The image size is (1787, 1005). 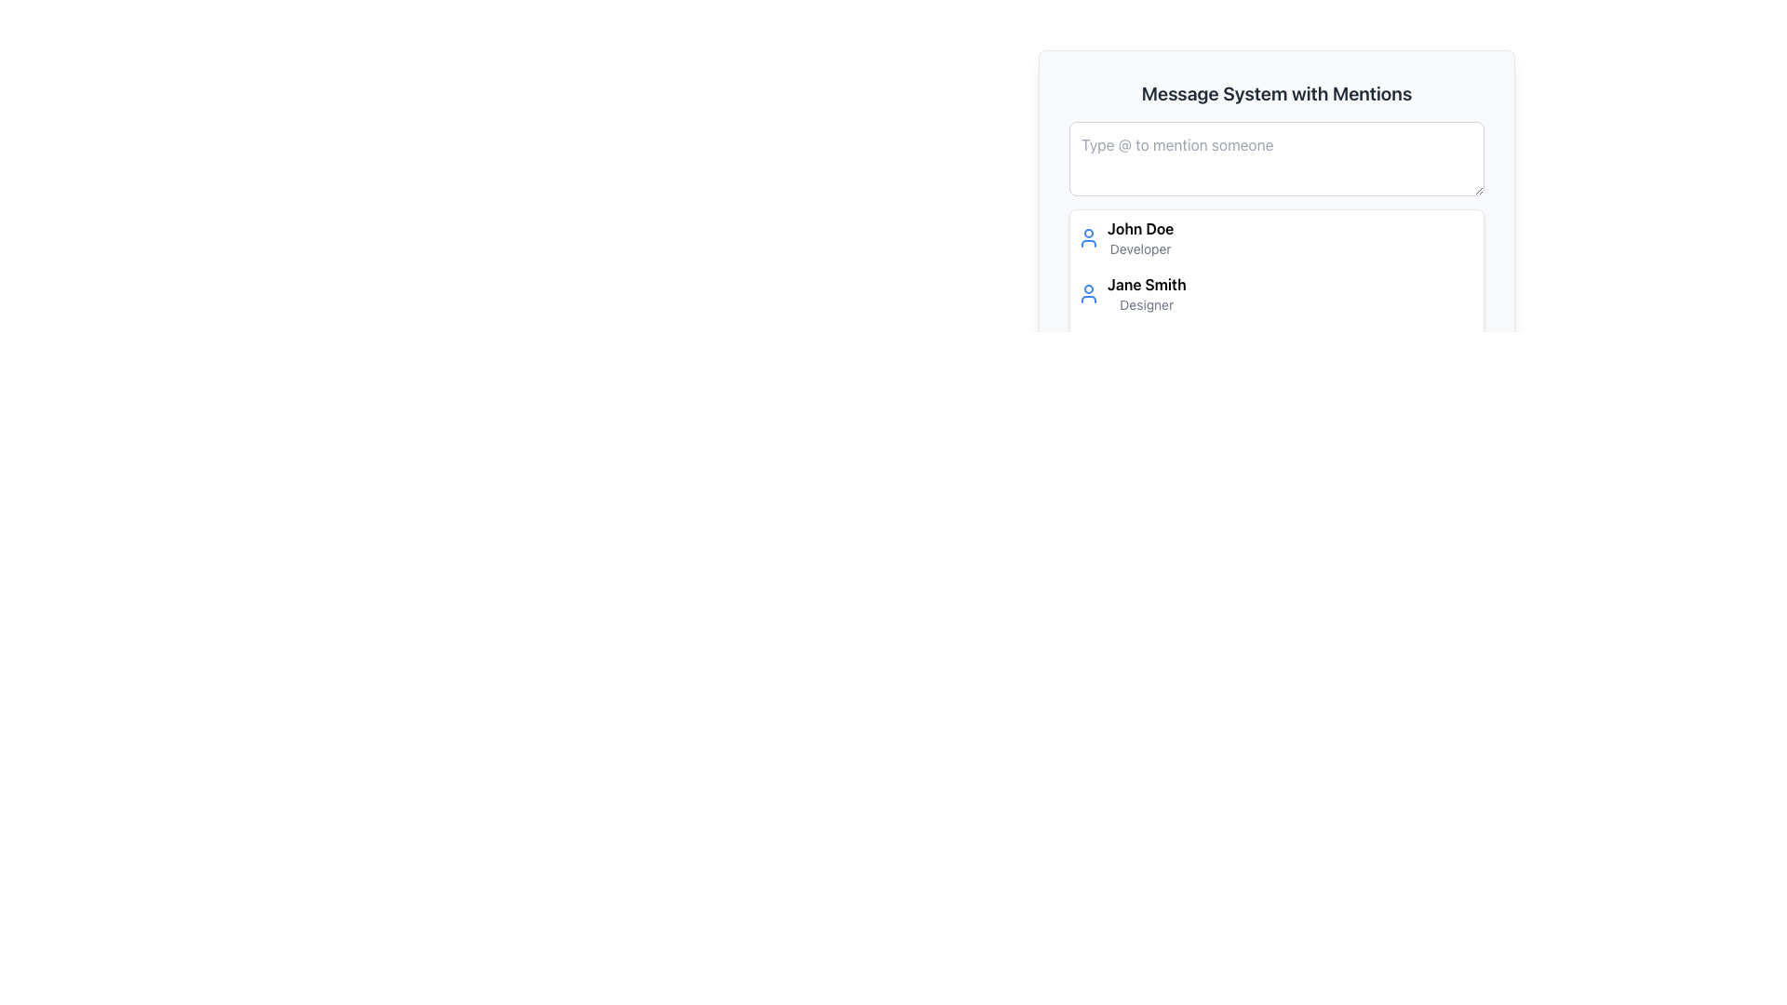 I want to click on the text element displaying the user's name 'Jane Smith' if it is interactive, located below 'John Doe' in a vertical list of personnel details, so click(x=1146, y=284).